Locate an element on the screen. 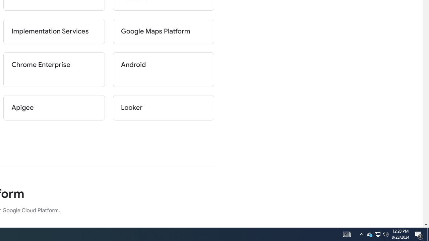 Image resolution: width=429 pixels, height=241 pixels. 'Google Maps Platform' is located at coordinates (163, 31).